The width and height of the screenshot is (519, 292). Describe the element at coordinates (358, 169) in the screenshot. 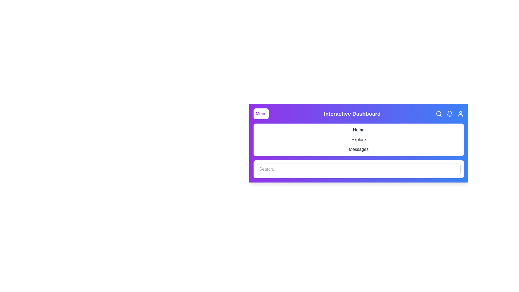

I see `the search input field to focus on it` at that location.